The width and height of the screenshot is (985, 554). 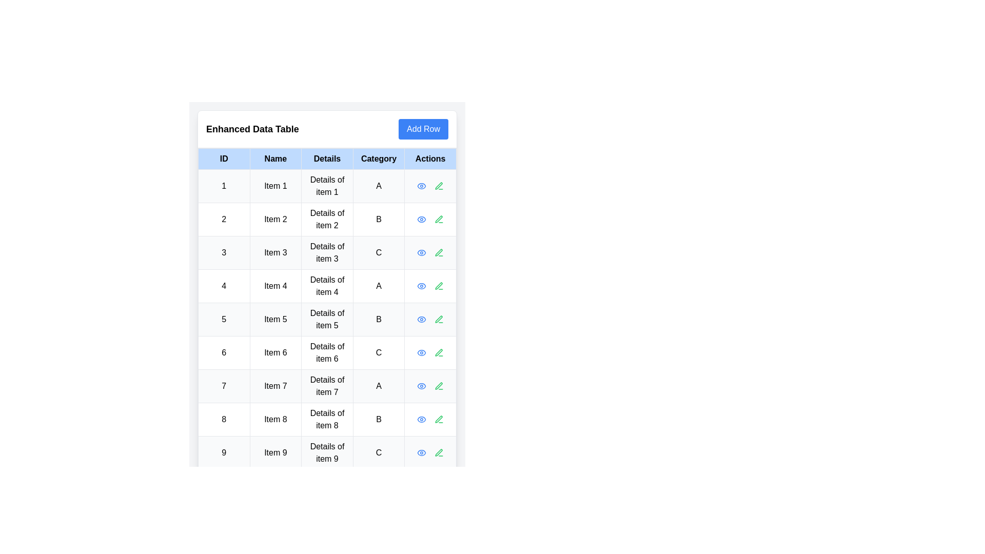 I want to click on the data cell containing the numeric value '2' in the second row and first column of the data table, so click(x=223, y=219).